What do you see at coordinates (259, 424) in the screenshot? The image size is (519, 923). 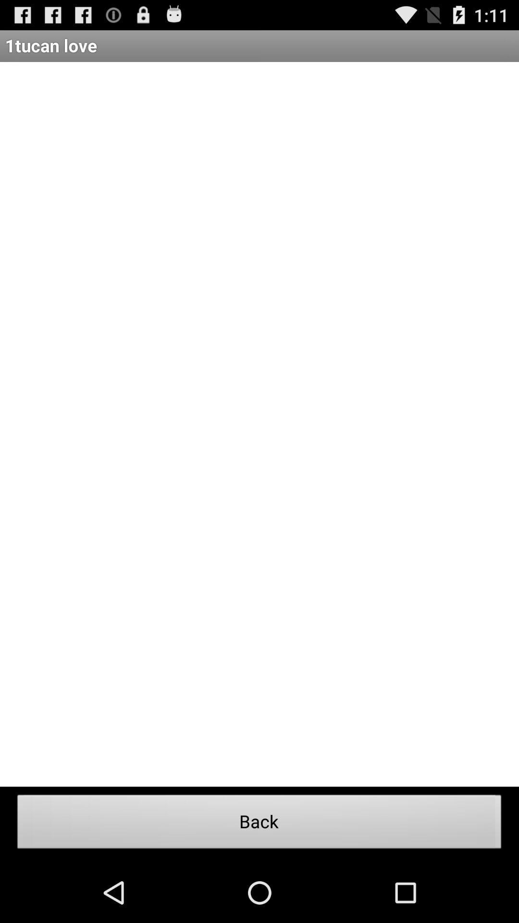 I see `the item above the back item` at bounding box center [259, 424].